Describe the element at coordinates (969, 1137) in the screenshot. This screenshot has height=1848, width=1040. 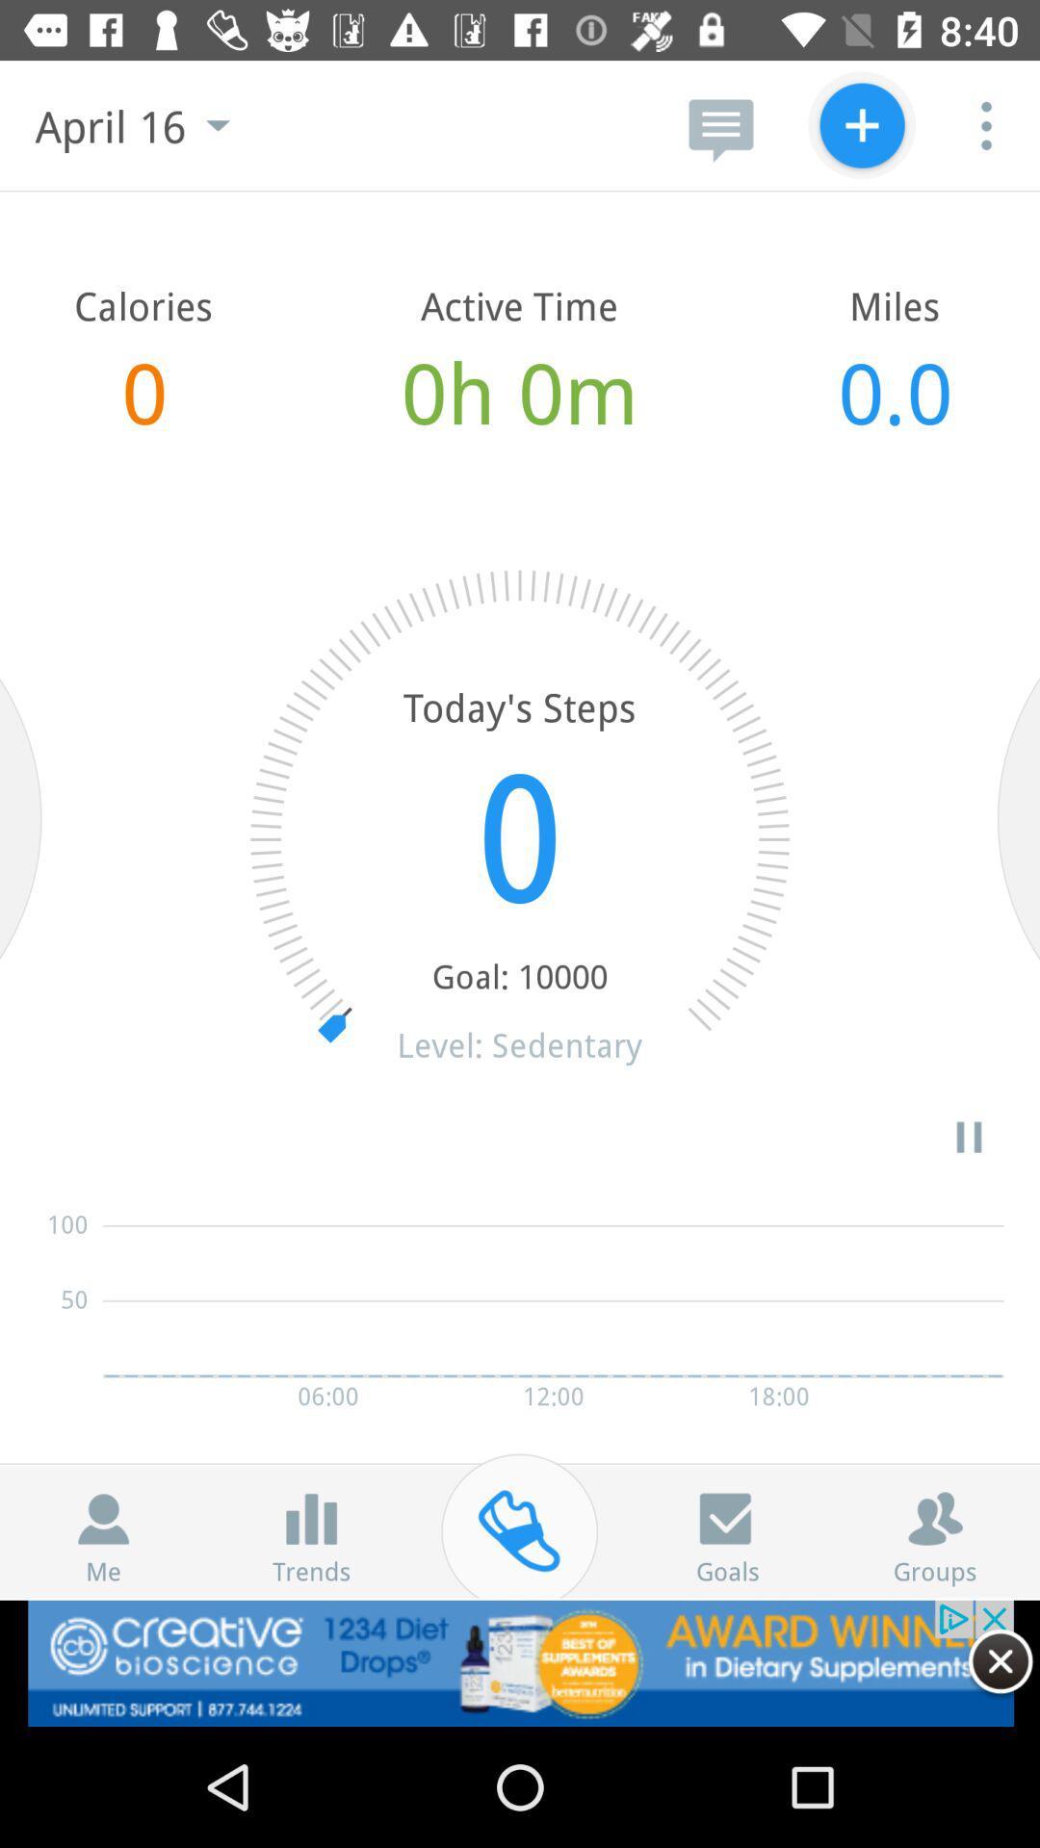
I see `the pause icon` at that location.